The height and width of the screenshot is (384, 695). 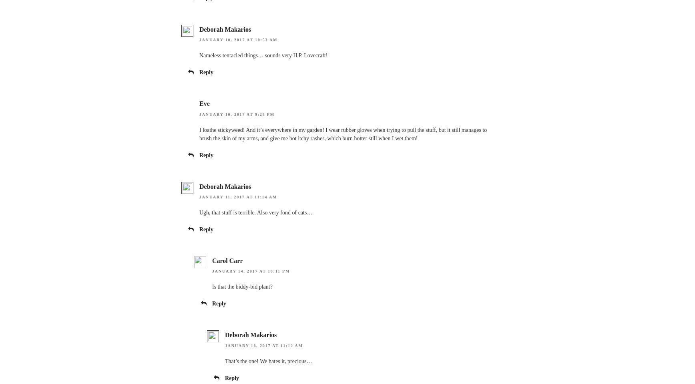 What do you see at coordinates (343, 133) in the screenshot?
I see `'I loathe stickyweed! And it’s everywhere in my garden! I wear rubber gloves when trying to pull the stuff, but it still manages to brush the skin of my arms, and give me hot itchy rashes, which burn hotter still when I wet them!'` at bounding box center [343, 133].